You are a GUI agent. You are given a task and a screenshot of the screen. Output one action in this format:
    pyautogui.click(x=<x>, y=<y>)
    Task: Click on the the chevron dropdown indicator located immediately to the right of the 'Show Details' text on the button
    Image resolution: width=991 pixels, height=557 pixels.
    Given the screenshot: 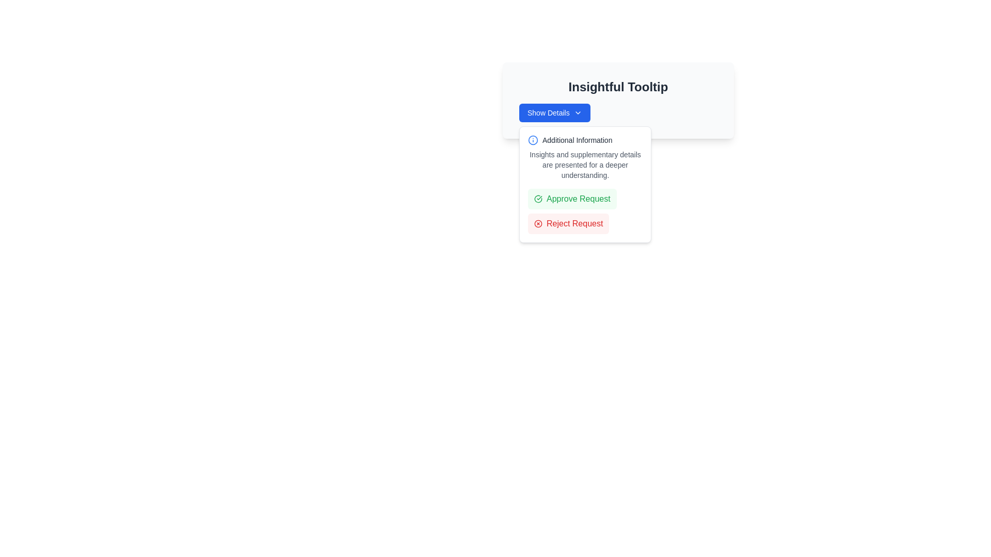 What is the action you would take?
    pyautogui.click(x=577, y=113)
    